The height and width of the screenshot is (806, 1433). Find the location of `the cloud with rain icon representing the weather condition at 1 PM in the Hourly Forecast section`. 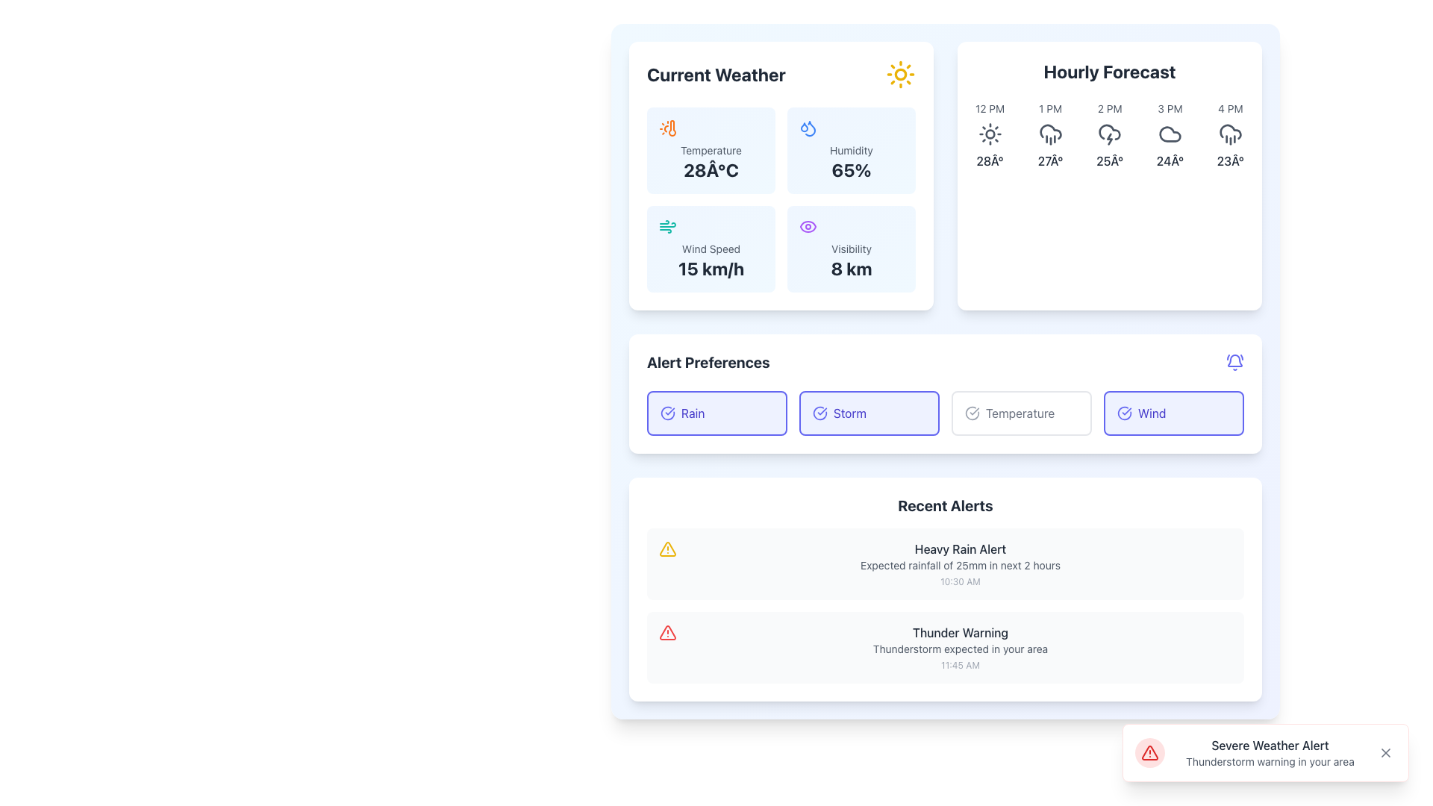

the cloud with rain icon representing the weather condition at 1 PM in the Hourly Forecast section is located at coordinates (1049, 131).